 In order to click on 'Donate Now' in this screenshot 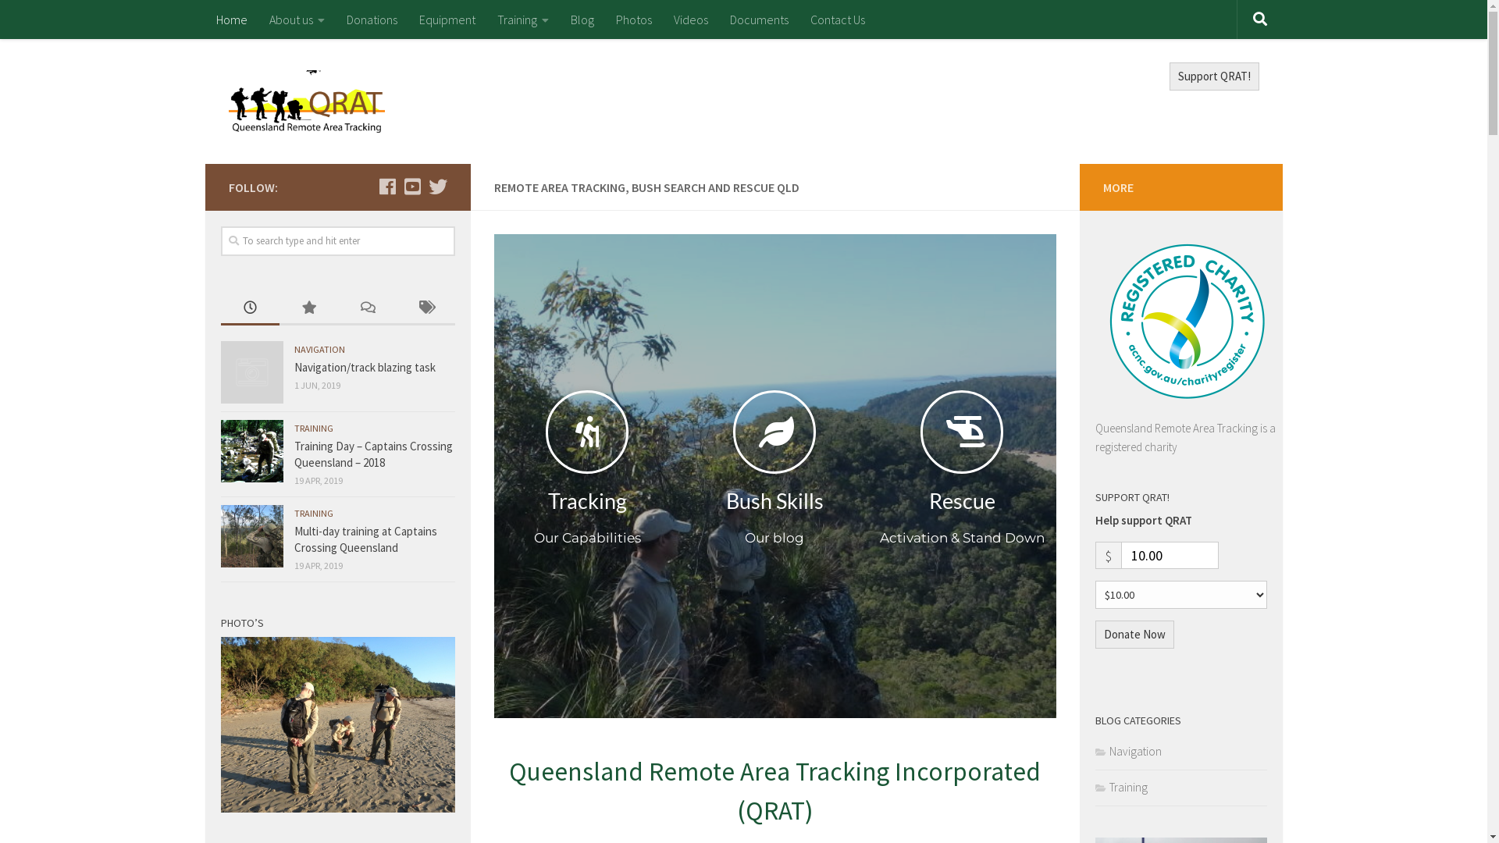, I will do `click(1134, 635)`.